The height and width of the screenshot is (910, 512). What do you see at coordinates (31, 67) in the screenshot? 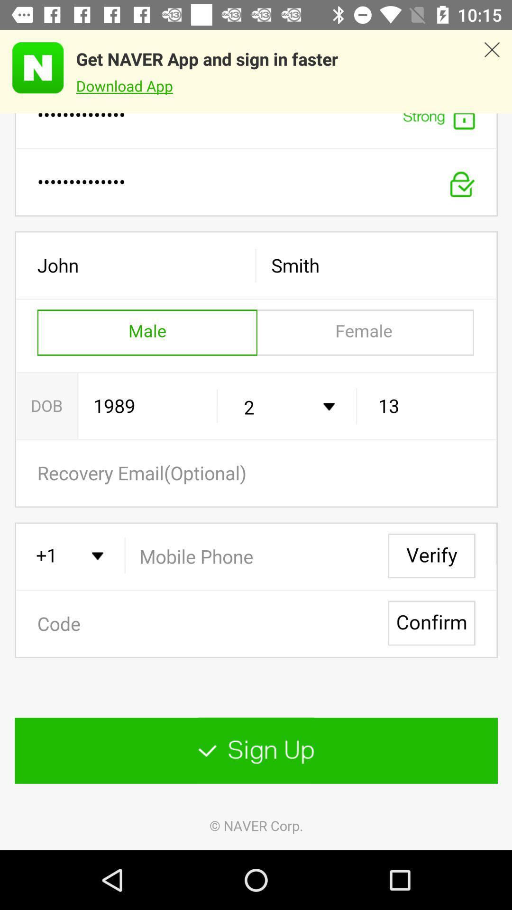
I see `title image` at bounding box center [31, 67].